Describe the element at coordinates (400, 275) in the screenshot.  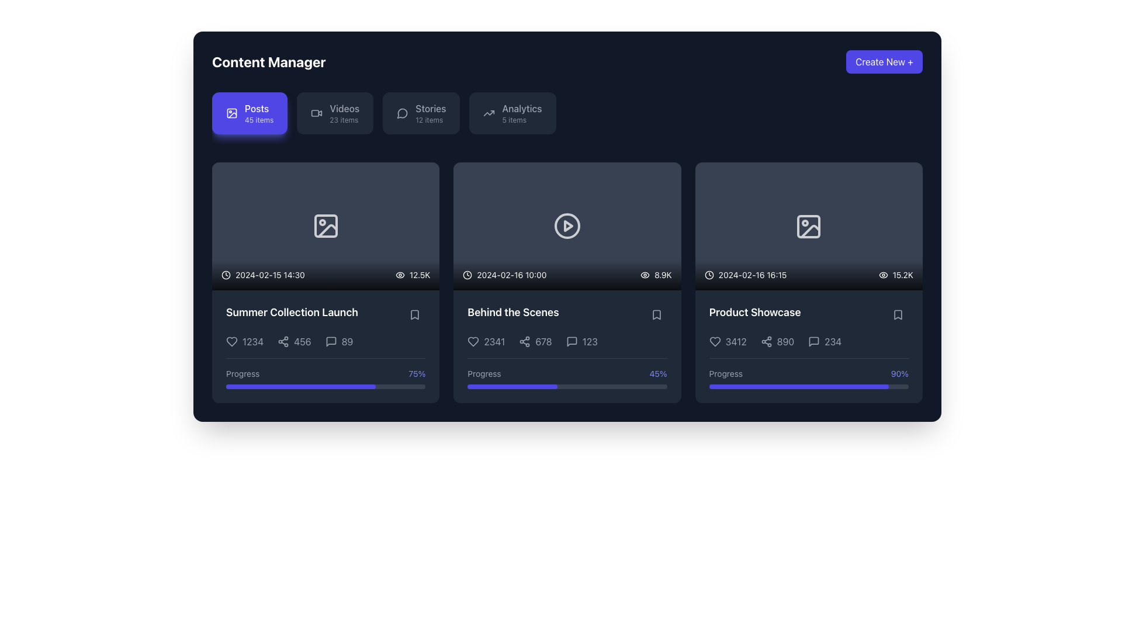
I see `the view counter icon located on the left side next to the text '12.5K'` at that location.